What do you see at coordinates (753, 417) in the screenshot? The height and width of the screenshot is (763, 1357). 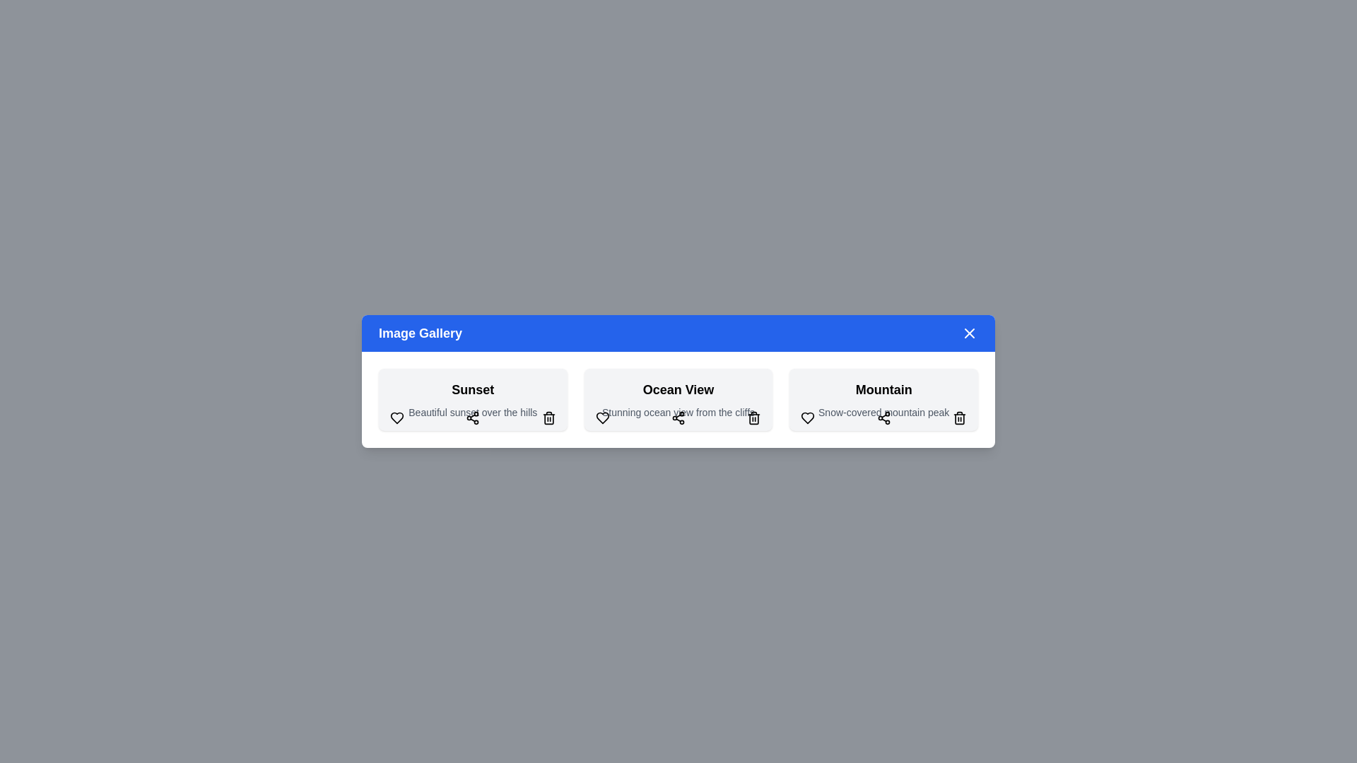 I see `the trash button for the image titled Ocean View` at bounding box center [753, 417].